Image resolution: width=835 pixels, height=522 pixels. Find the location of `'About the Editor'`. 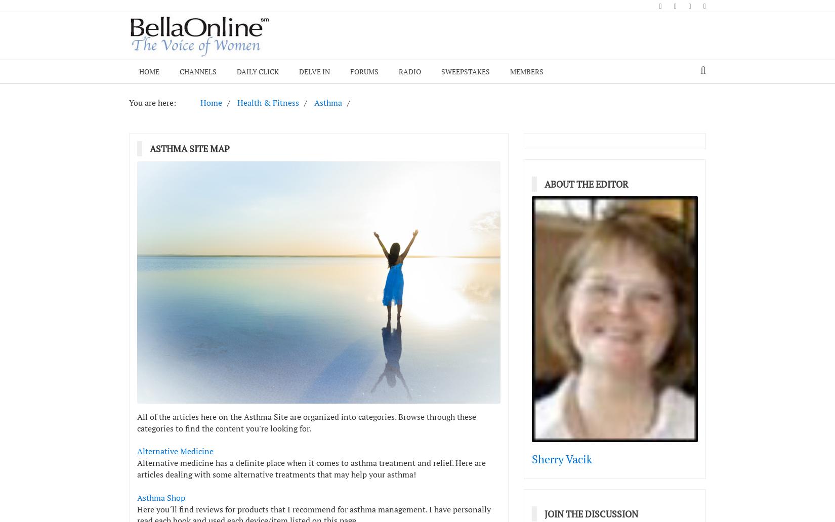

'About the Editor' is located at coordinates (586, 183).